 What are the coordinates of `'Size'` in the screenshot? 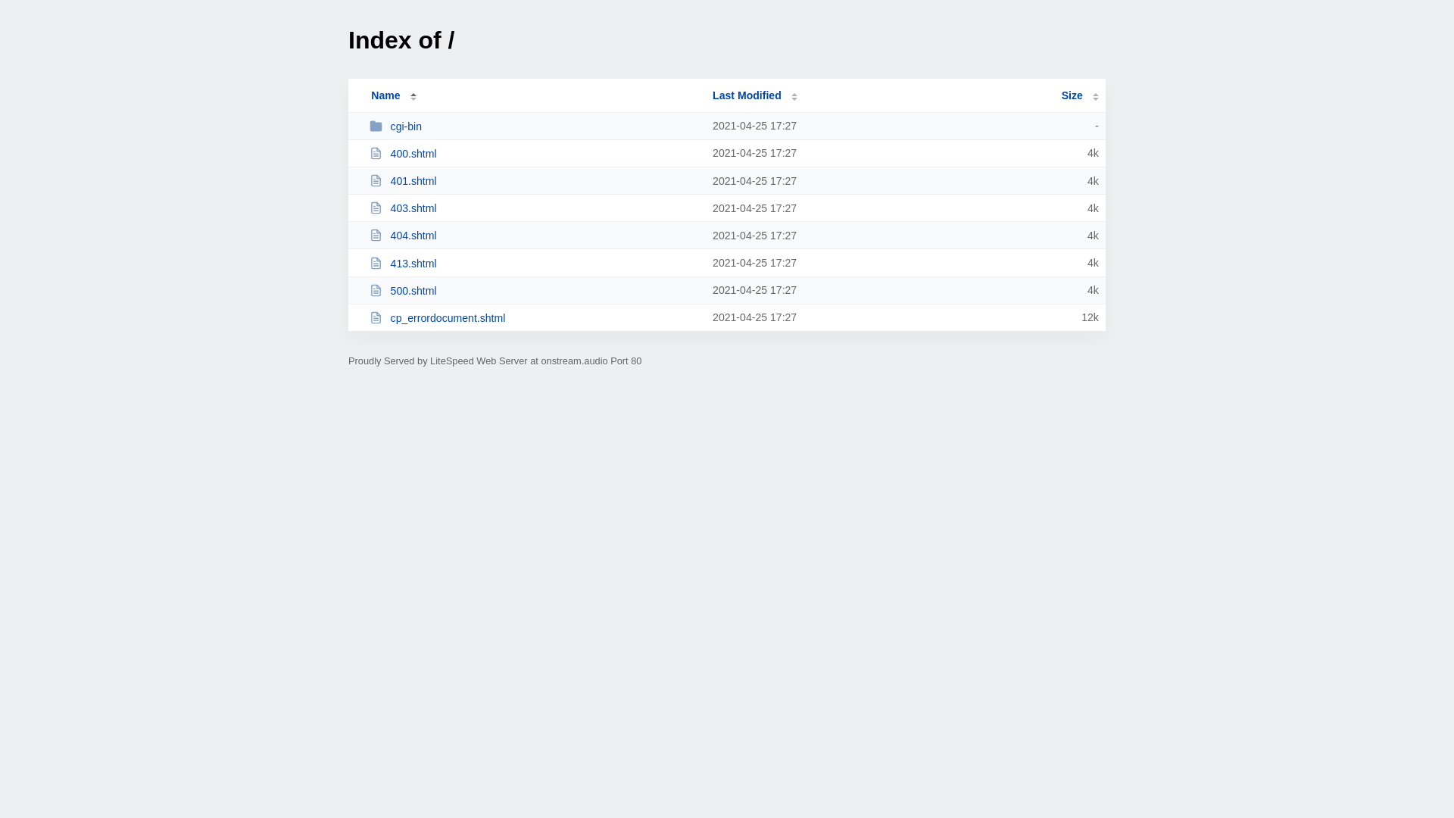 It's located at (1079, 95).